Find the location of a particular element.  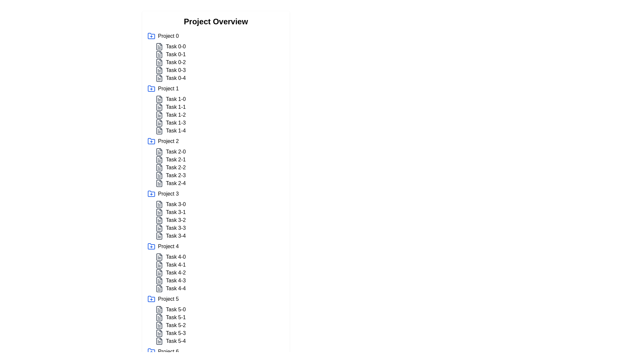

the 'Task 4-2' label with document icon using keyboard up/down arrows is located at coordinates (220, 272).